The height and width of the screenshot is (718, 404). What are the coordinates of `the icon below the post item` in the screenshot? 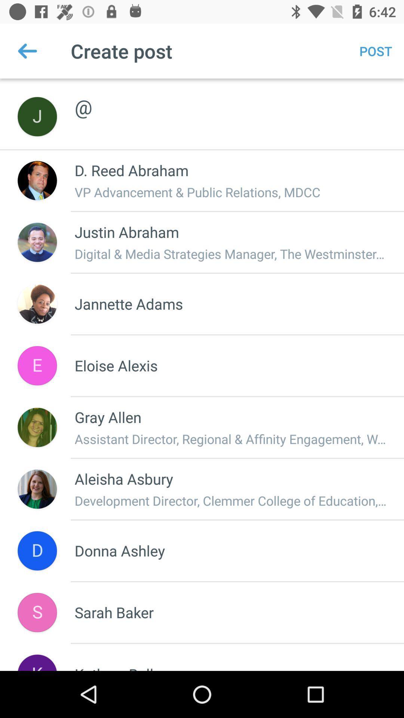 It's located at (231, 98).